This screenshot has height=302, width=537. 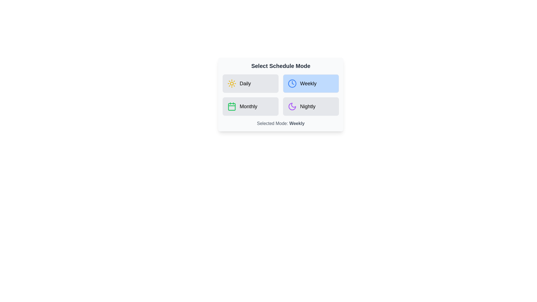 What do you see at coordinates (311, 84) in the screenshot?
I see `the schedule mode by clicking on the button corresponding to Weekly` at bounding box center [311, 84].